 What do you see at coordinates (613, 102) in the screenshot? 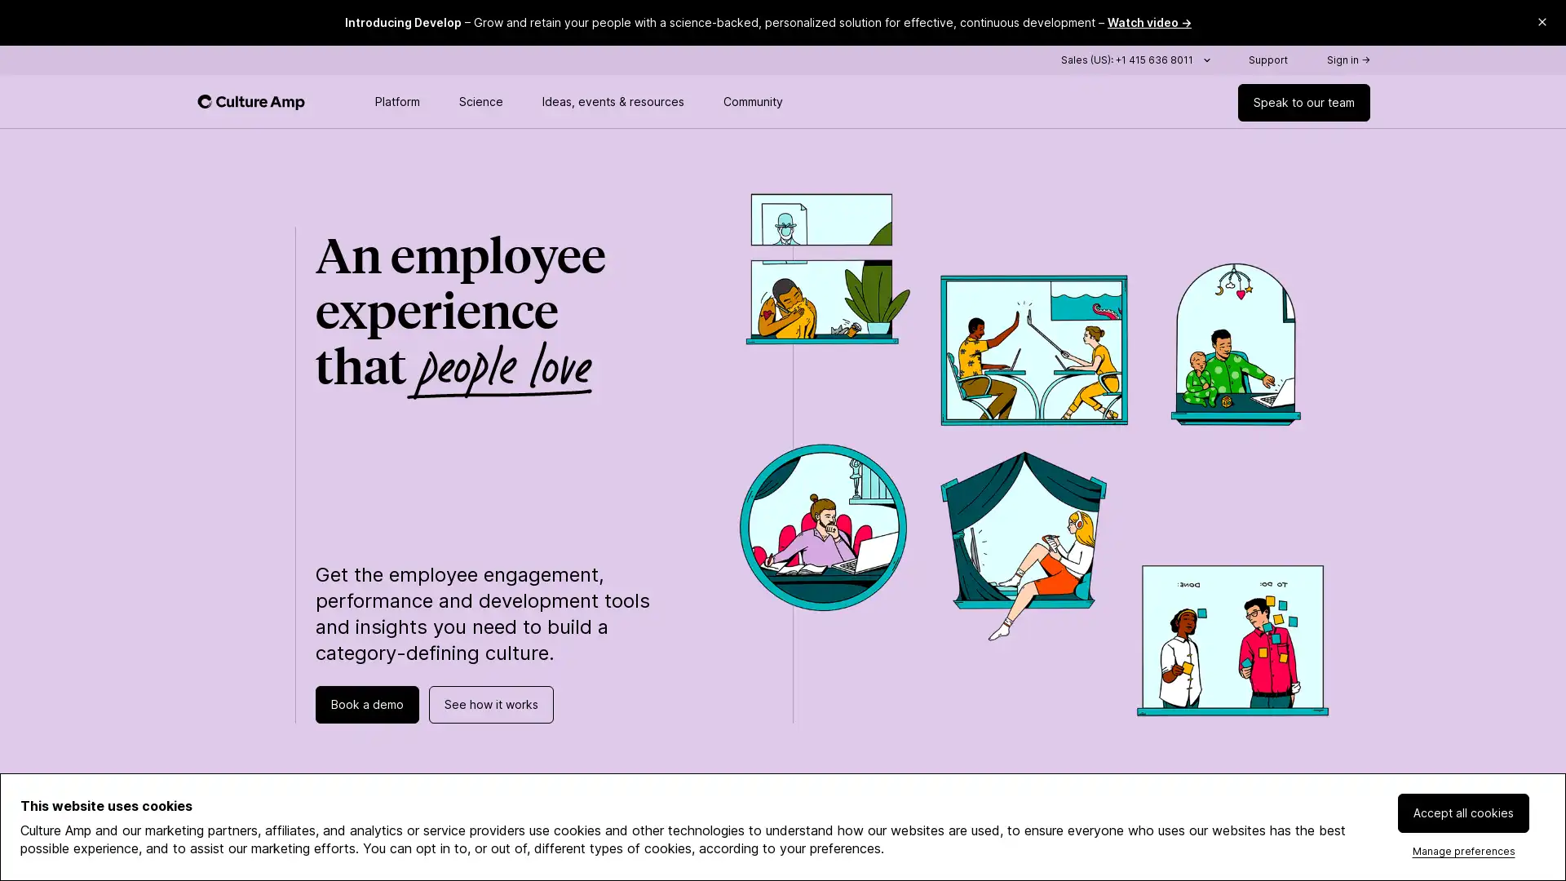
I see `Toggle resources menu` at bounding box center [613, 102].